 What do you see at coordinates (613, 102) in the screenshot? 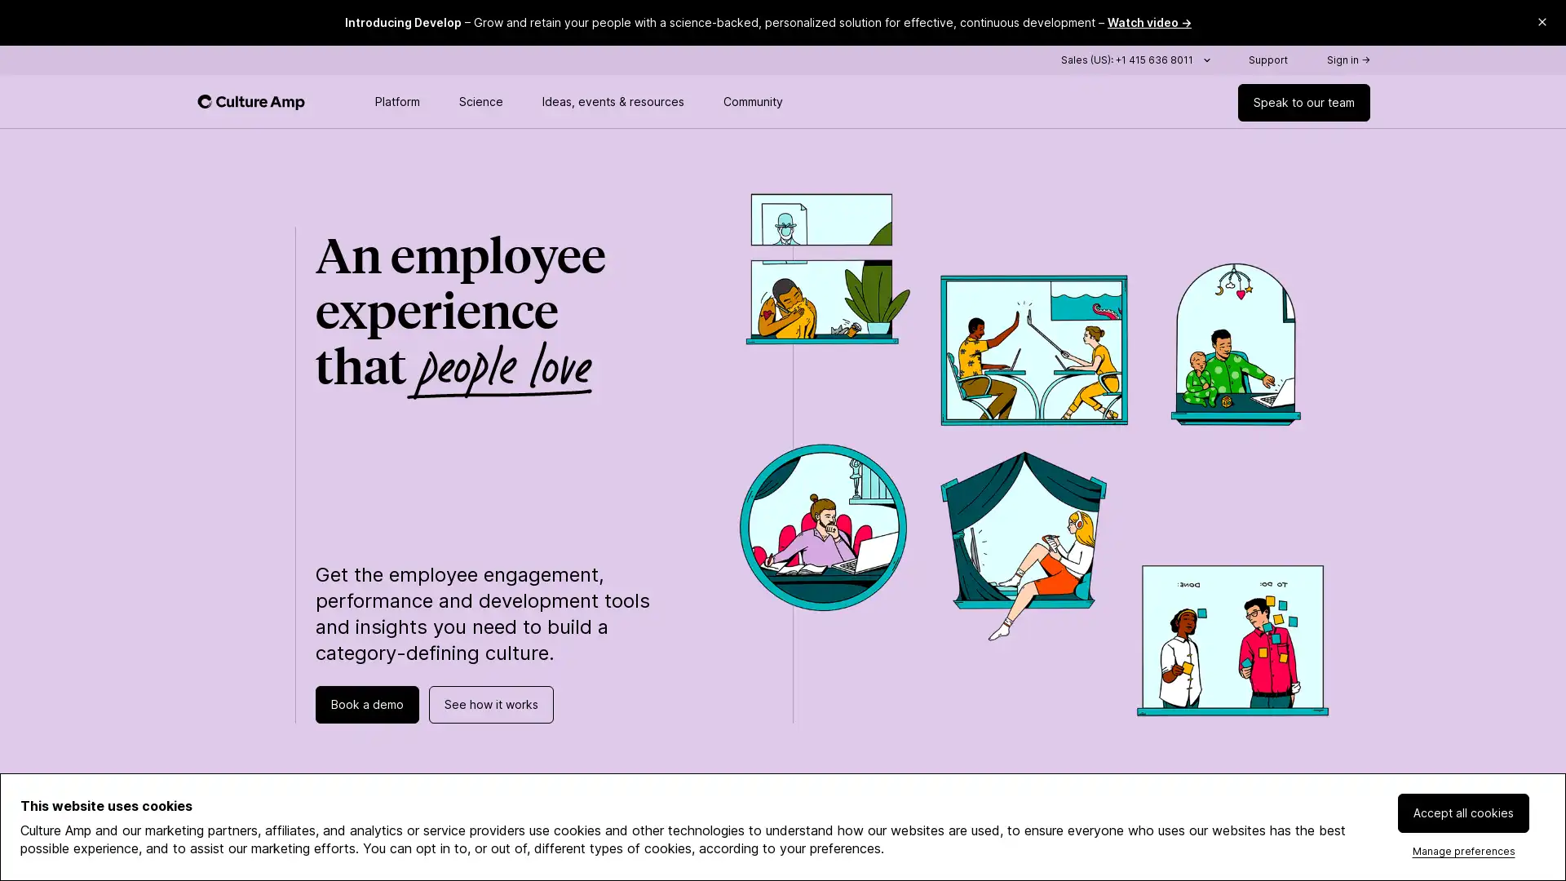
I see `Toggle resources menu` at bounding box center [613, 102].